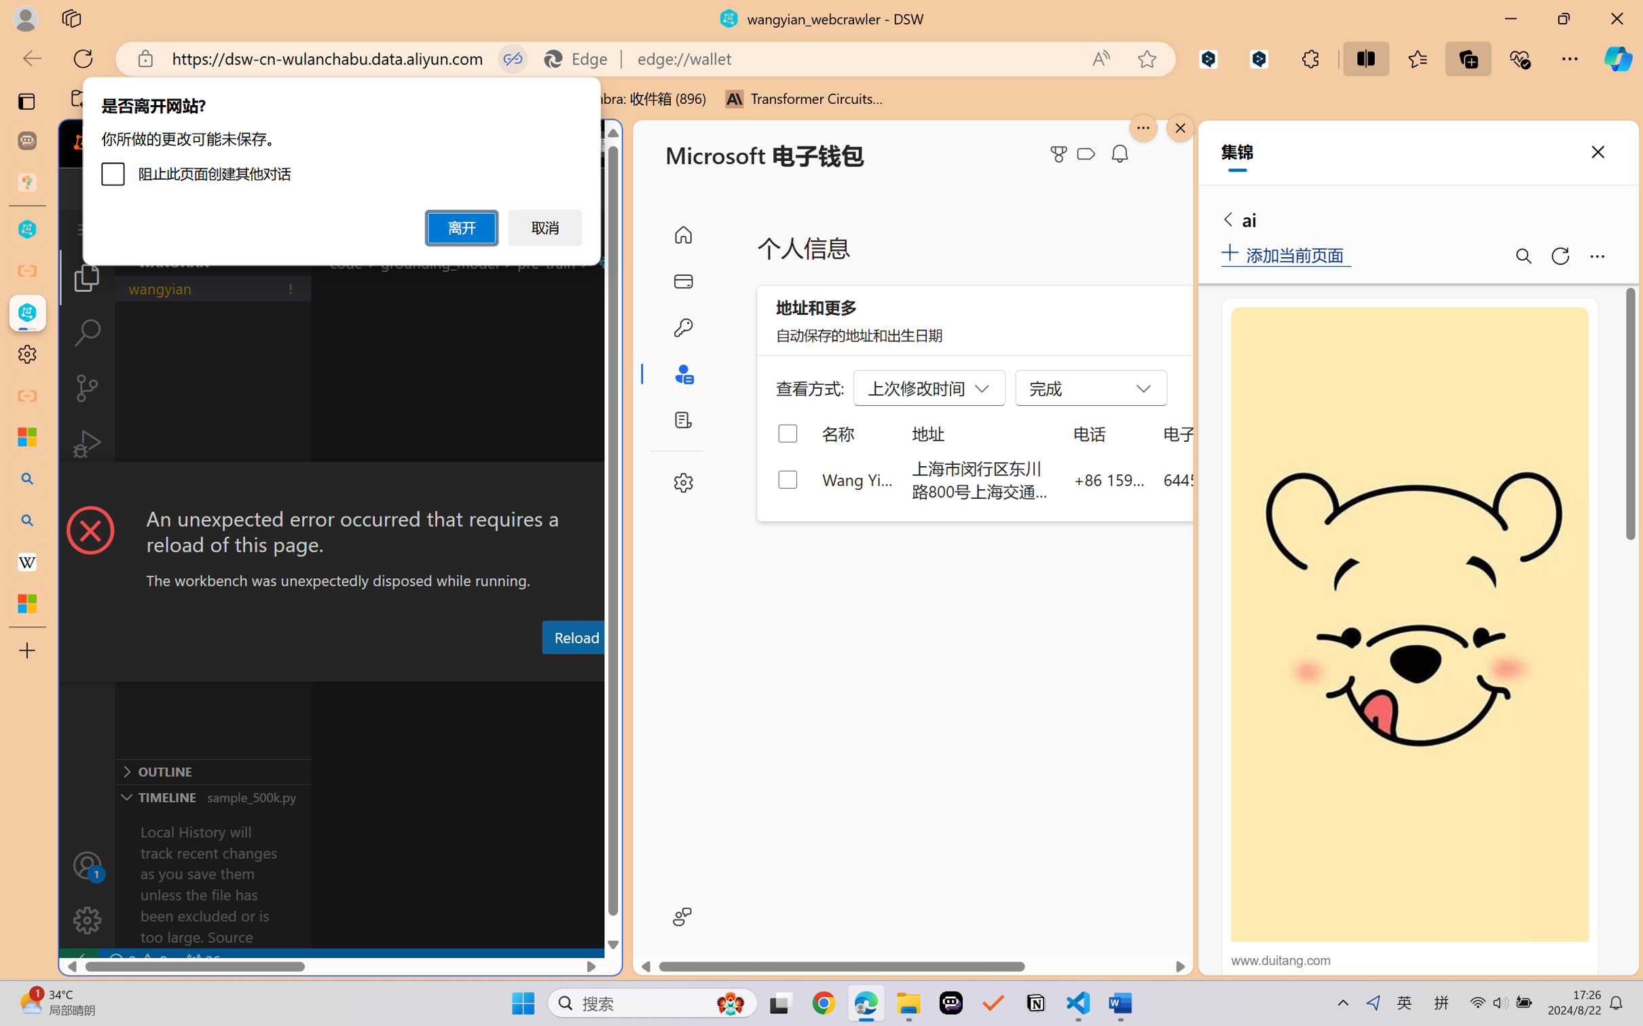  Describe the element at coordinates (804, 98) in the screenshot. I see `'Transformer Circuits Thread'` at that location.